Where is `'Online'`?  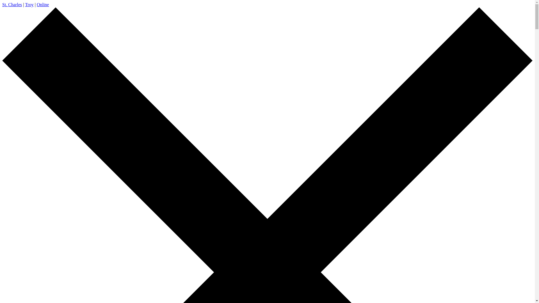
'Online' is located at coordinates (43, 4).